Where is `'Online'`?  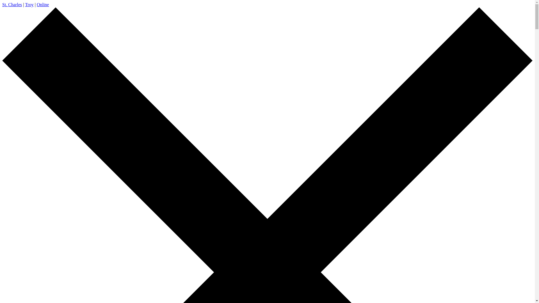
'Online' is located at coordinates (43, 4).